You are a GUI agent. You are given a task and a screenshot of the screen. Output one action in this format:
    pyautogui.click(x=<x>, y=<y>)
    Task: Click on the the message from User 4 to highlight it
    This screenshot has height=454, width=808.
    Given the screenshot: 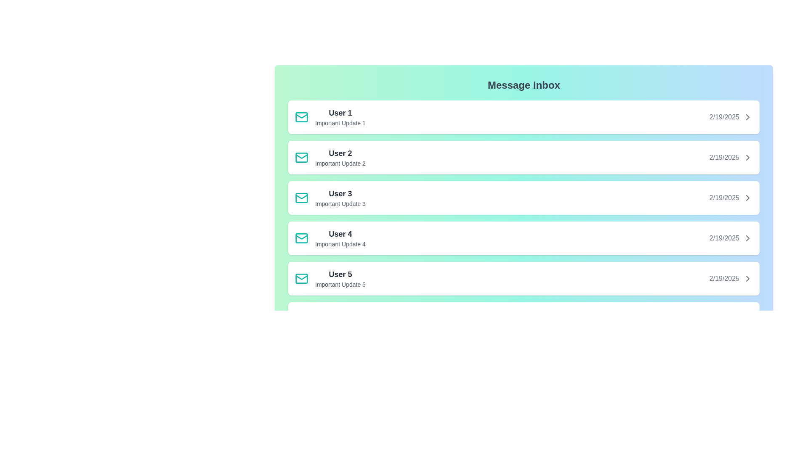 What is the action you would take?
    pyautogui.click(x=523, y=238)
    